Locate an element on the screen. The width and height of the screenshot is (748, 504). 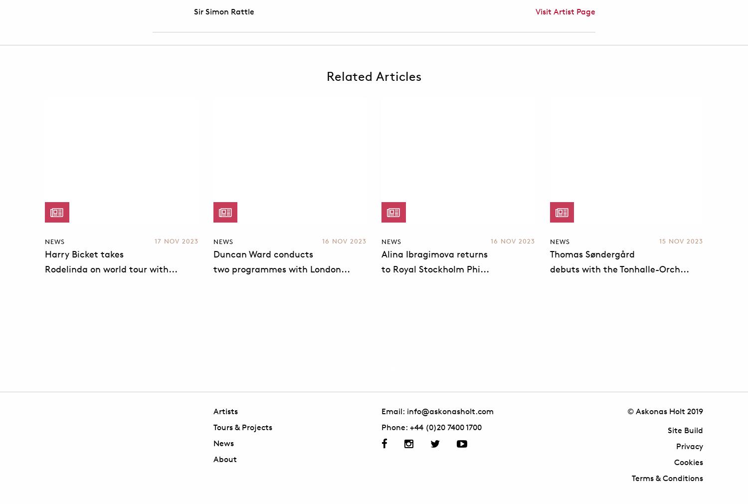
'Terms & Conditions' is located at coordinates (667, 478).